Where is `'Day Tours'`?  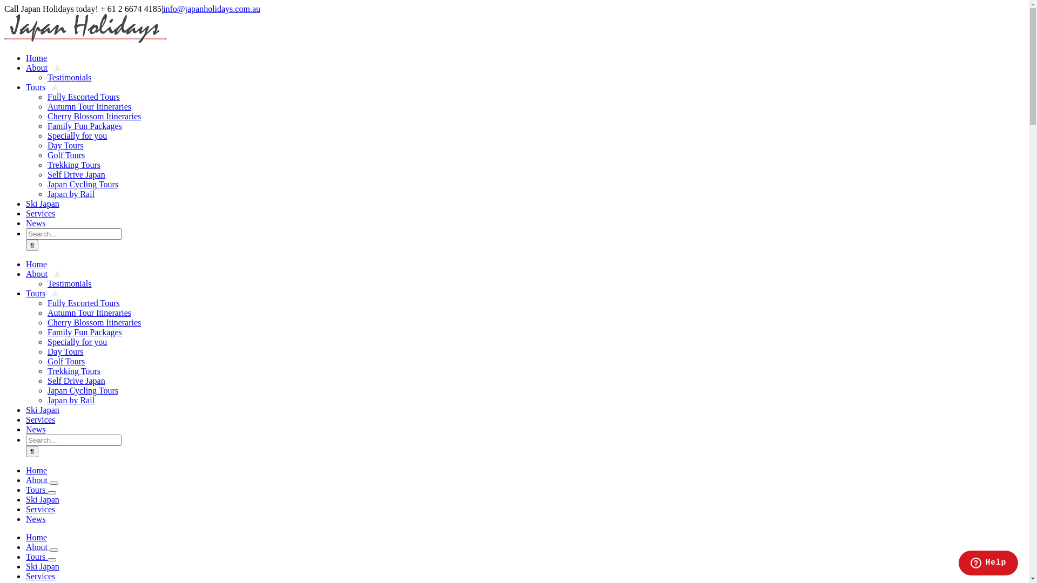
'Day Tours' is located at coordinates (46, 351).